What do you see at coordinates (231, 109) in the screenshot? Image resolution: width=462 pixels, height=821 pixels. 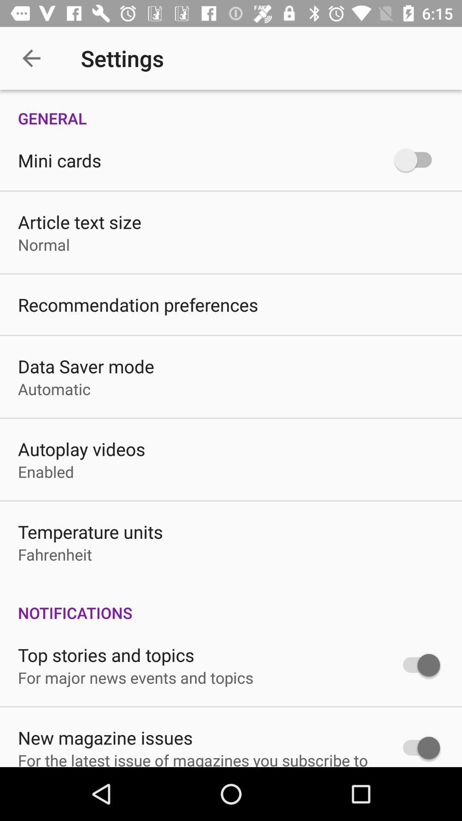 I see `the general icon` at bounding box center [231, 109].